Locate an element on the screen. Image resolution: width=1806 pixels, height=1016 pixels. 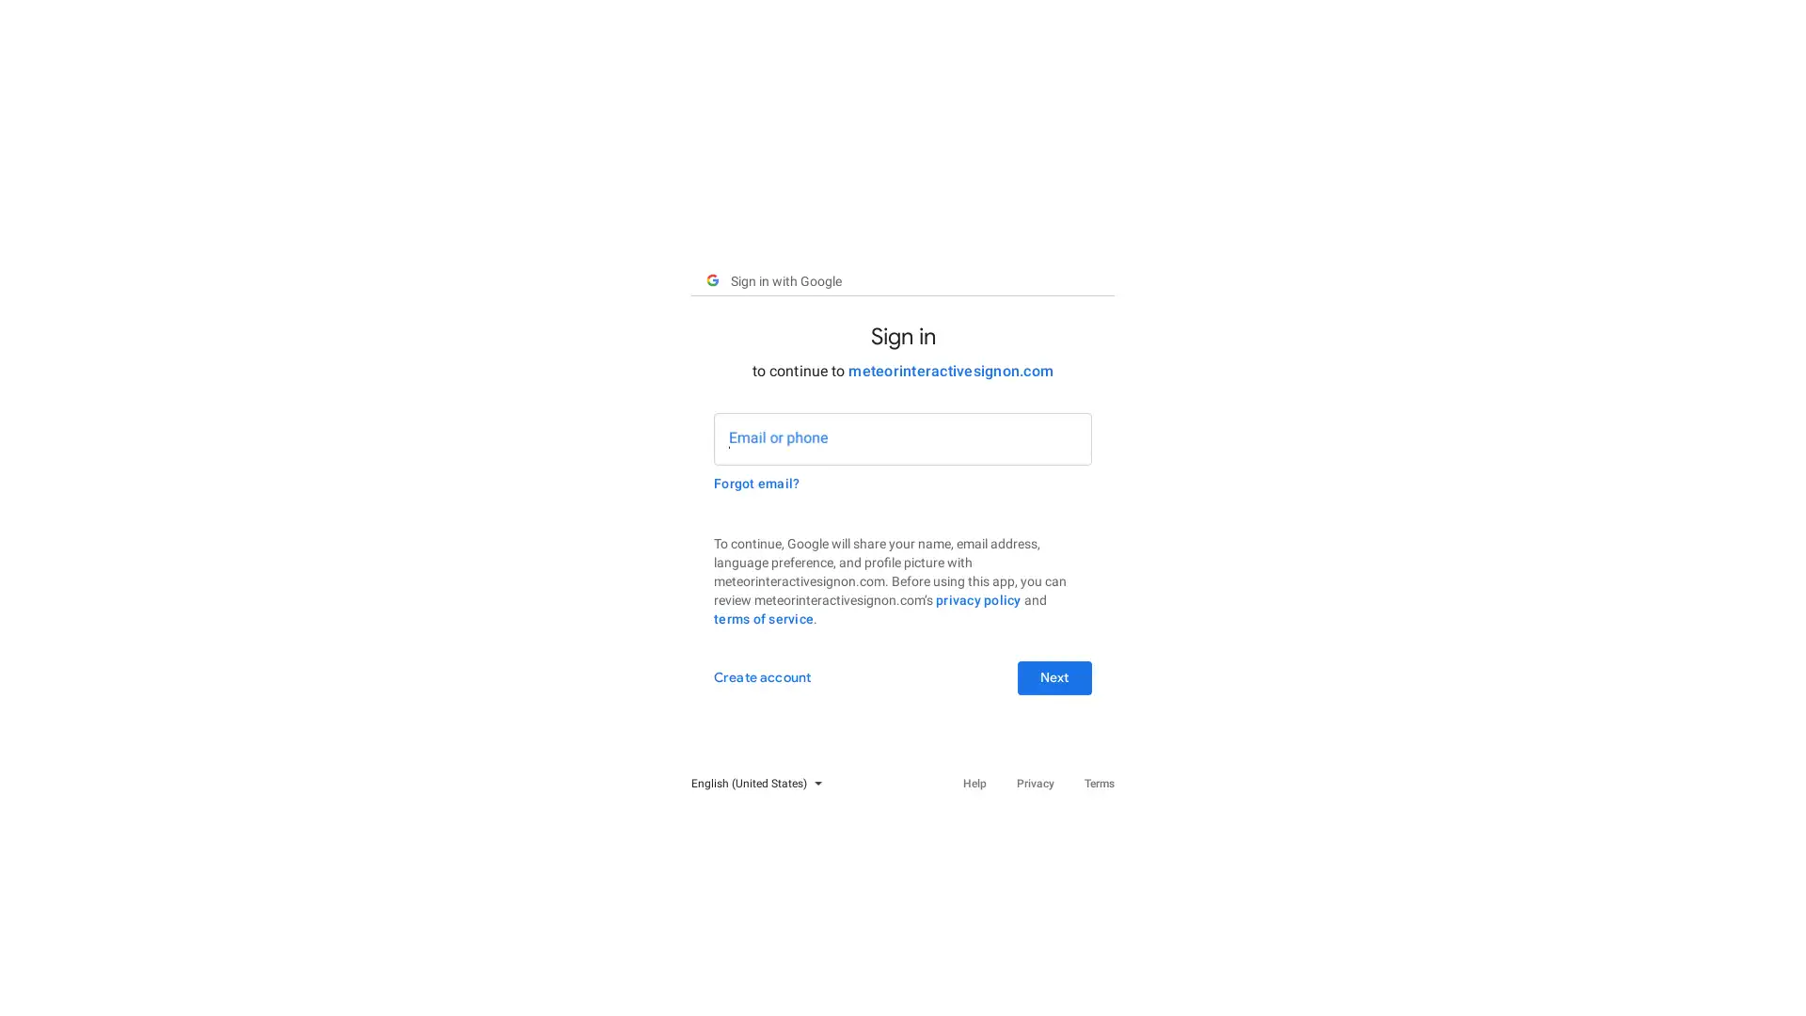
meteorinteractivesignon.com is located at coordinates (951, 381).